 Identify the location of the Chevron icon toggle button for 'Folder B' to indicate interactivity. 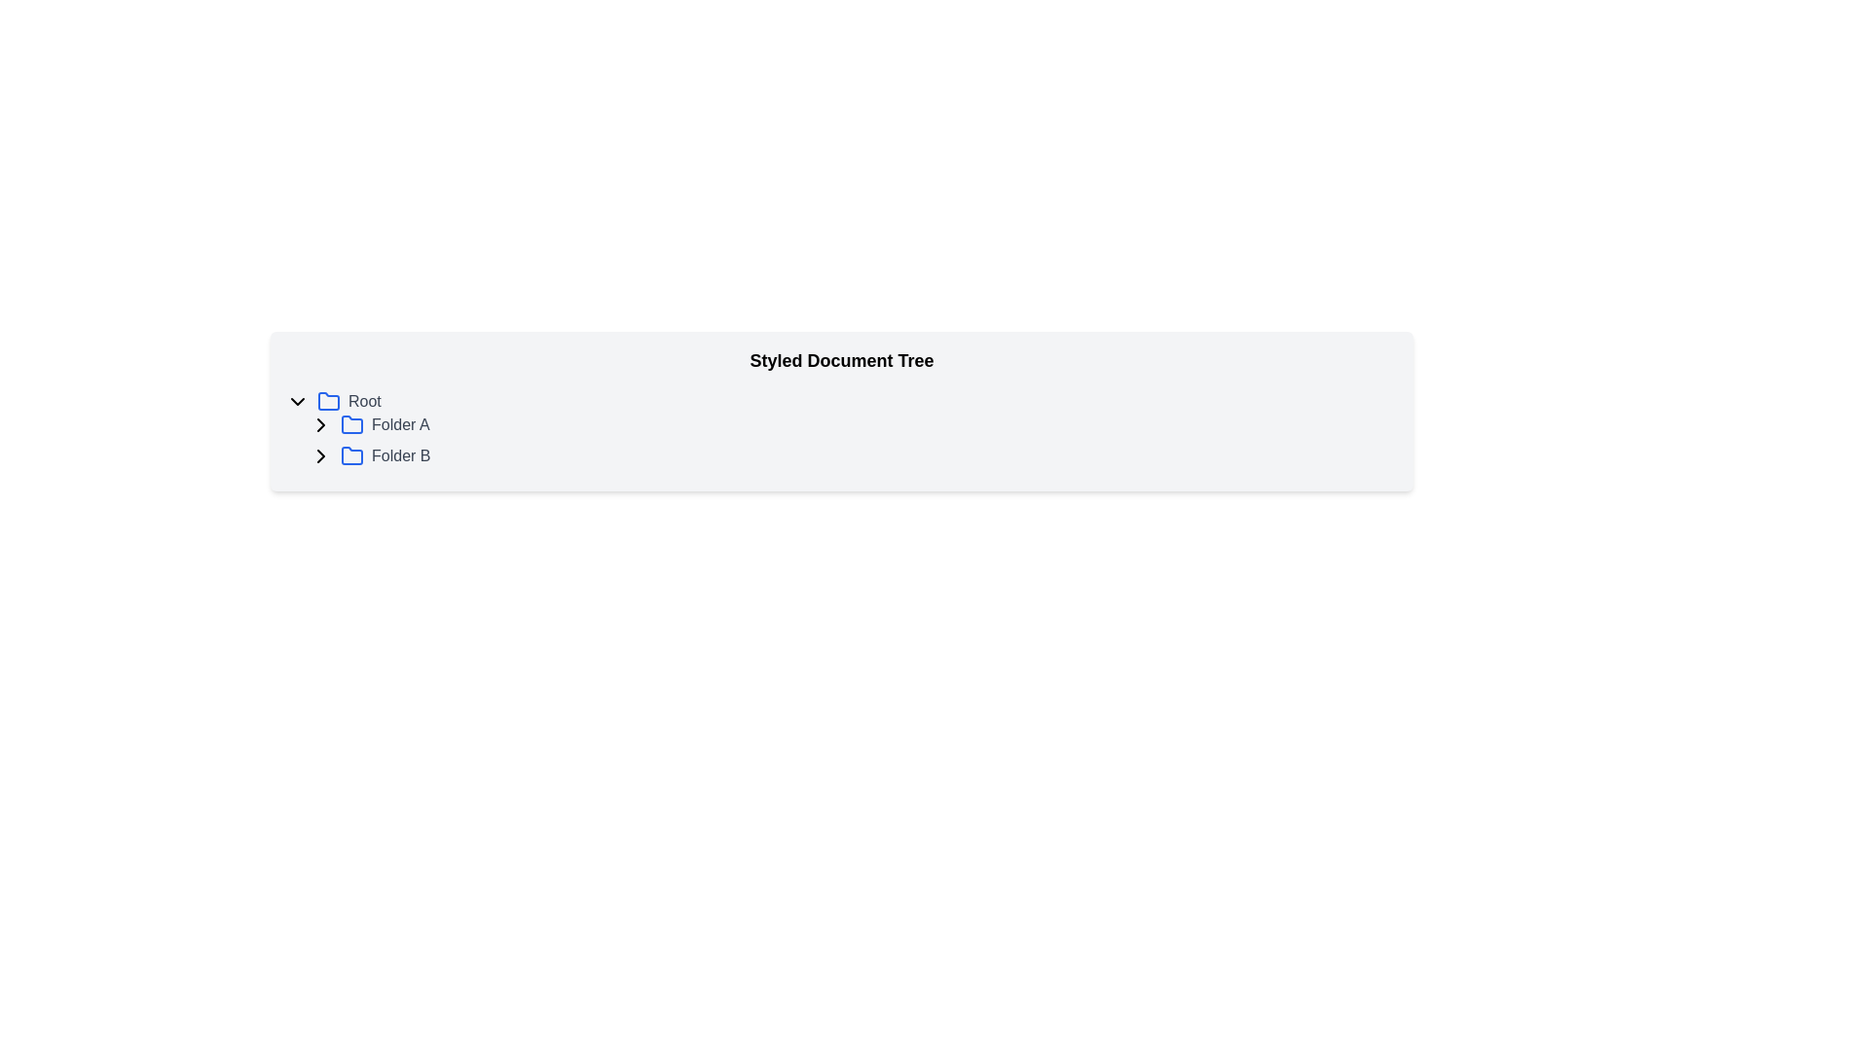
(321, 456).